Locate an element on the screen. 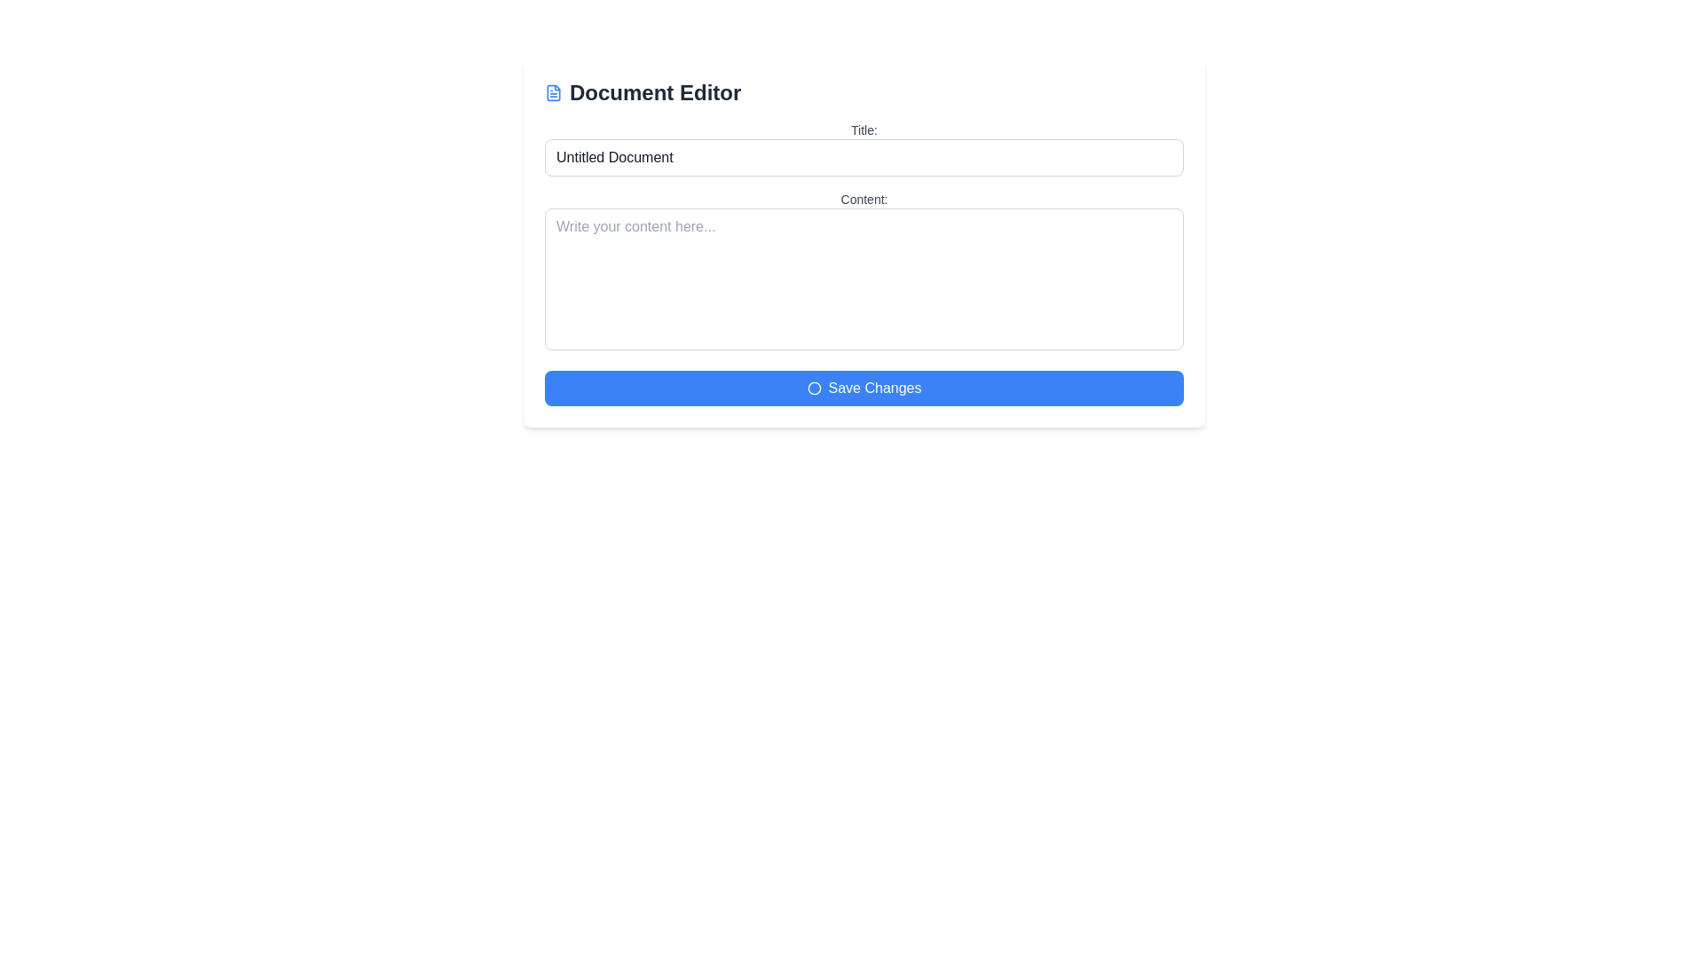  the text label reading 'Content:' which is styled in gray and positioned above a multi-line text input field is located at coordinates (864, 199).